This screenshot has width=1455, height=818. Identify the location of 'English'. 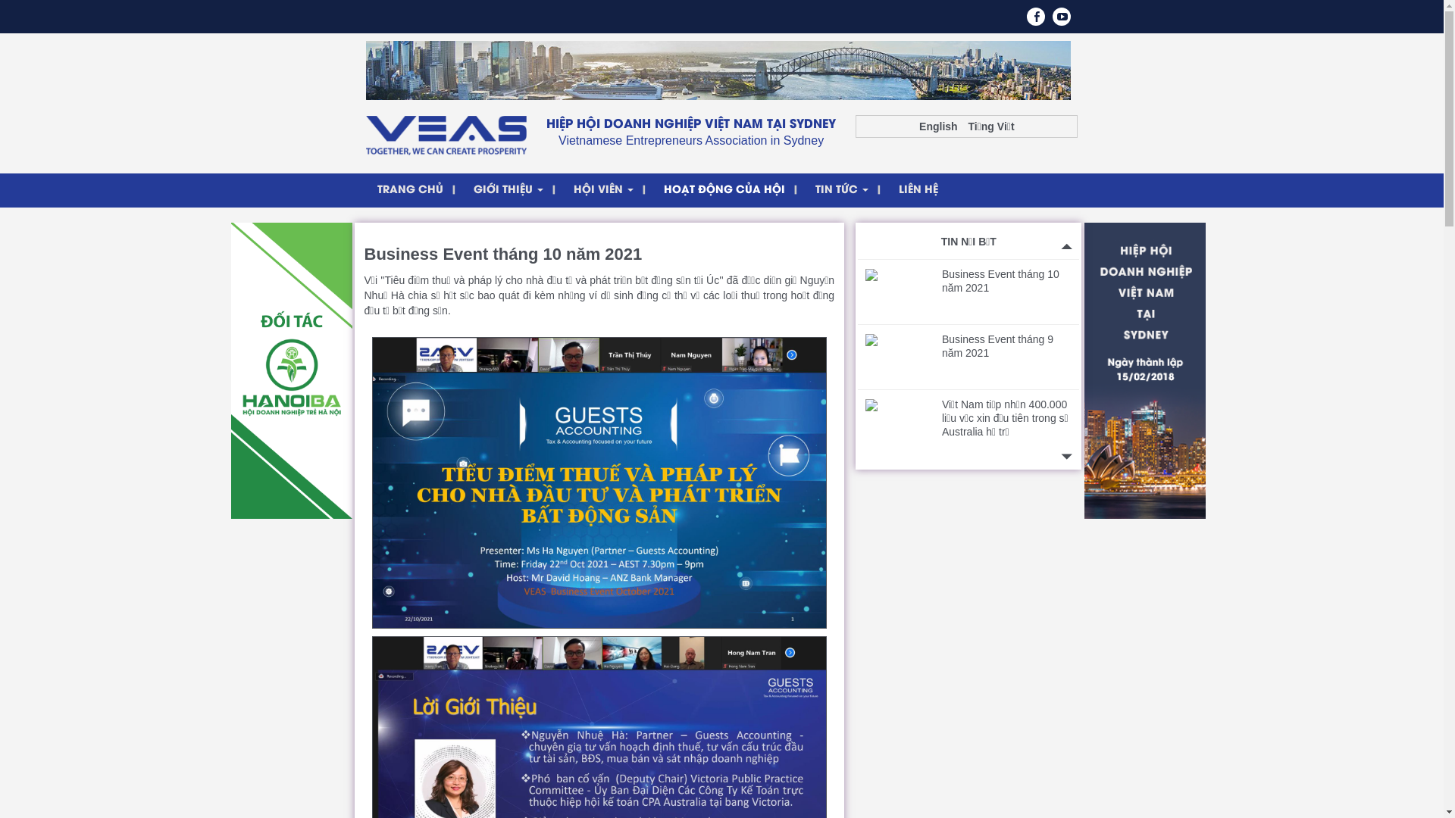
(937, 124).